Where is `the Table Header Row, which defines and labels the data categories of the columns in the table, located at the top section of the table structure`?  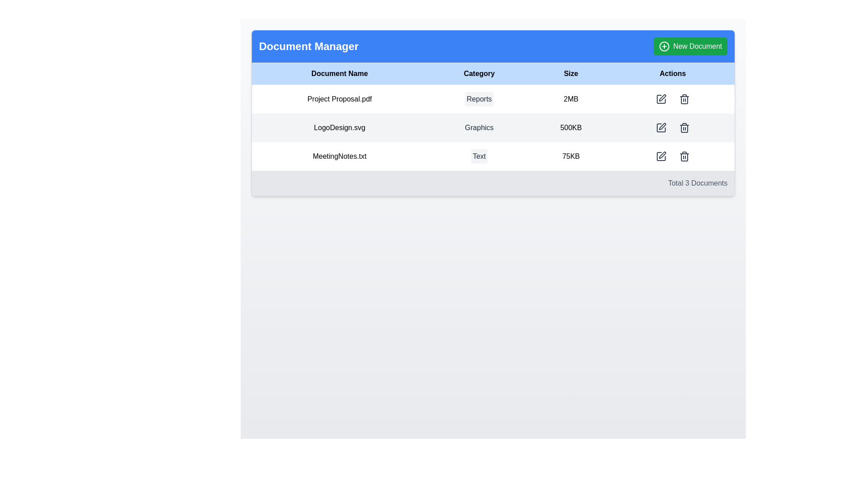
the Table Header Row, which defines and labels the data categories of the columns in the table, located at the top section of the table structure is located at coordinates (493, 73).